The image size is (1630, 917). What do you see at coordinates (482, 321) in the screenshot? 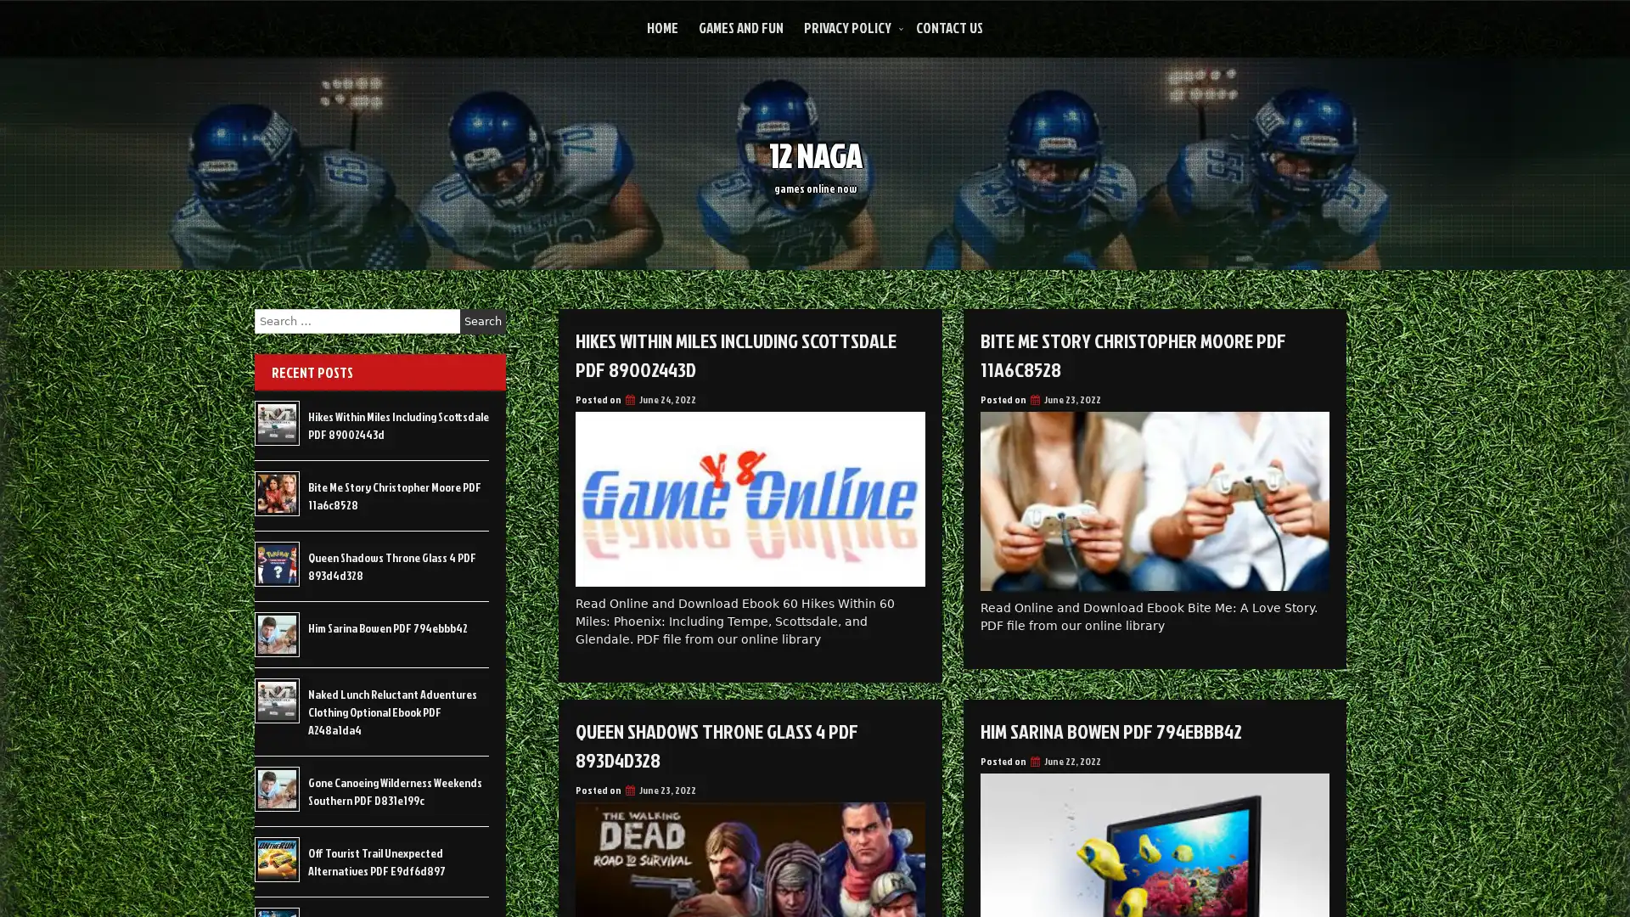
I see `Search` at bounding box center [482, 321].